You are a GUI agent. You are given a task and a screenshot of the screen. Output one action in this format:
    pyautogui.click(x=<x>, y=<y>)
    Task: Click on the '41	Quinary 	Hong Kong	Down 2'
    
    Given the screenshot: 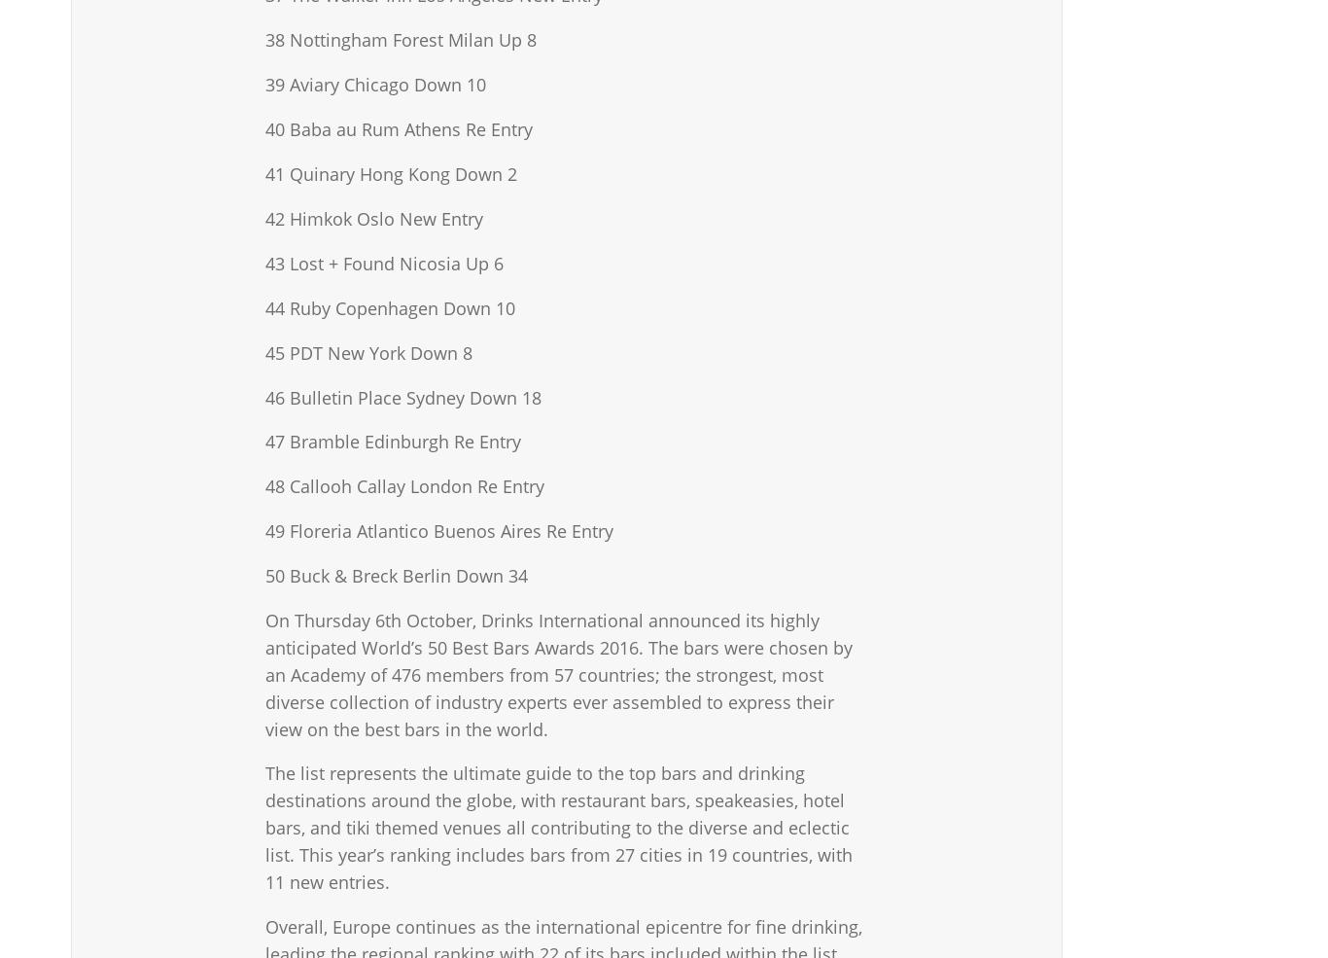 What is the action you would take?
    pyautogui.click(x=390, y=173)
    